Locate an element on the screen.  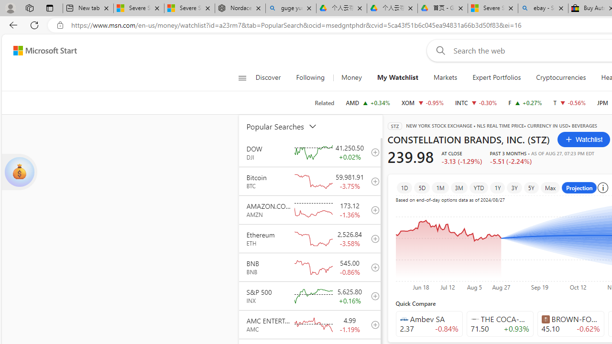
'3M' is located at coordinates (459, 187).